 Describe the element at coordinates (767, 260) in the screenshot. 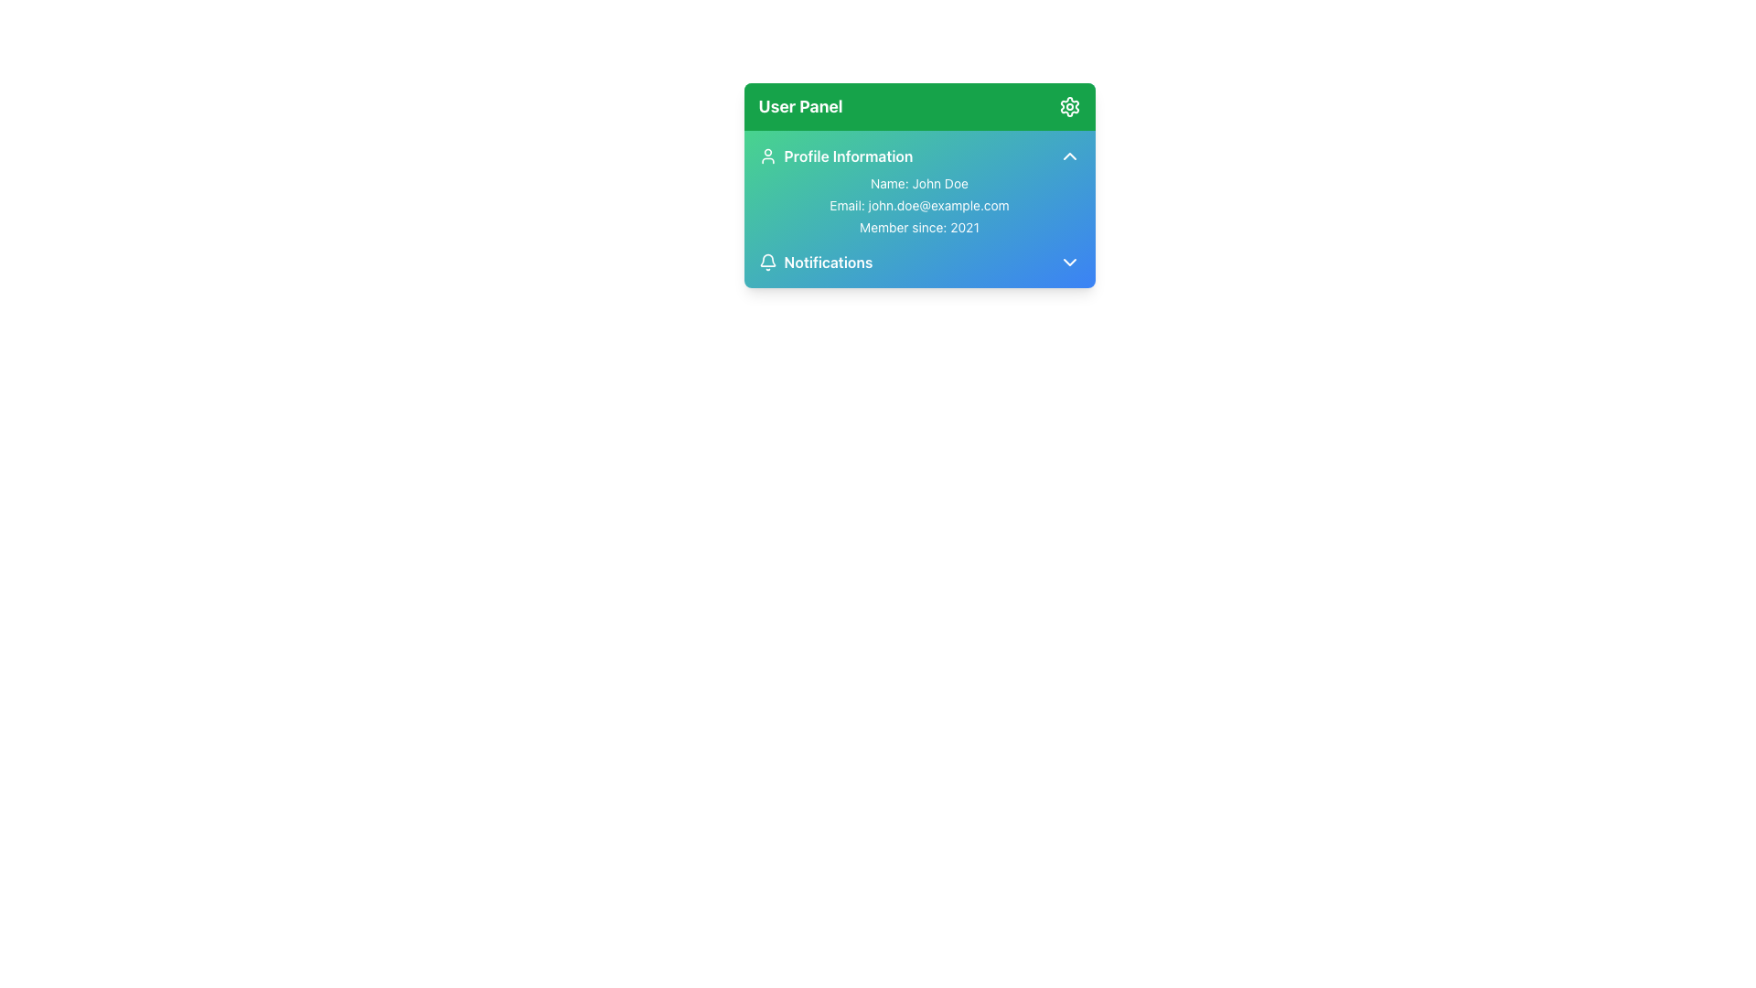

I see `the notification icon located in the 'Notifications' section, to the left of the text label 'Notifications'` at that location.